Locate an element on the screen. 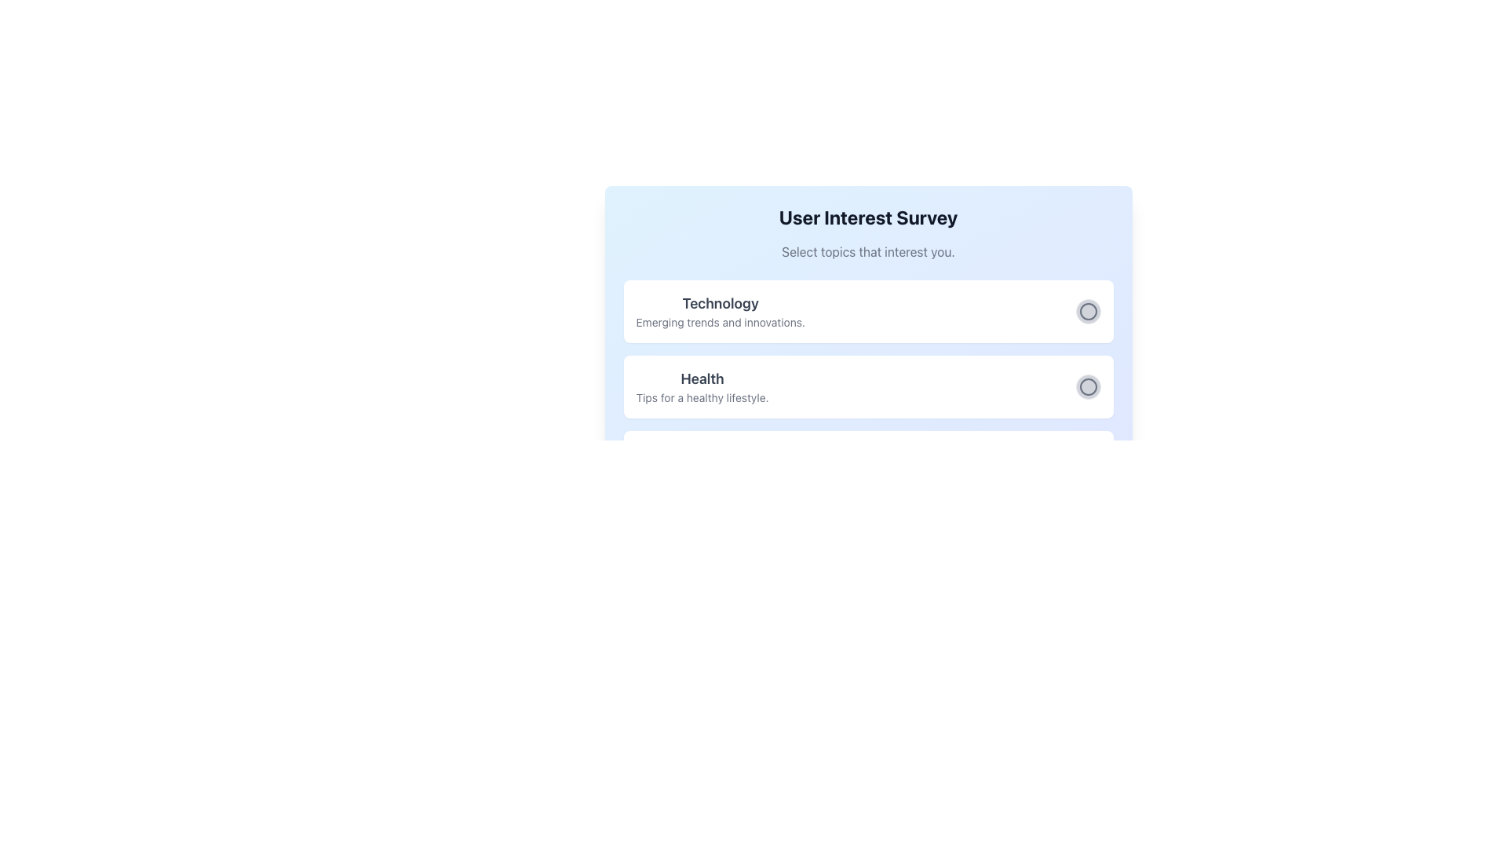 The width and height of the screenshot is (1507, 848). the radio button for the 'Health' topic to receive additional feedback is located at coordinates (1087, 387).